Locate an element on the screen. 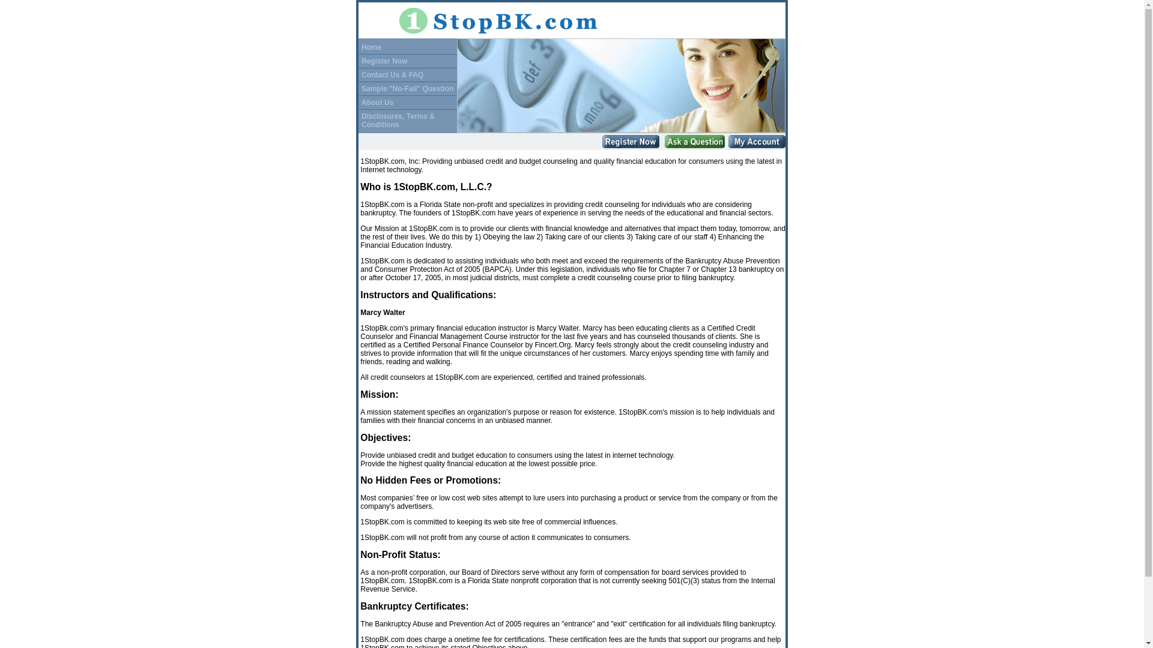  'Contact Us & FAQ' is located at coordinates (392, 74).